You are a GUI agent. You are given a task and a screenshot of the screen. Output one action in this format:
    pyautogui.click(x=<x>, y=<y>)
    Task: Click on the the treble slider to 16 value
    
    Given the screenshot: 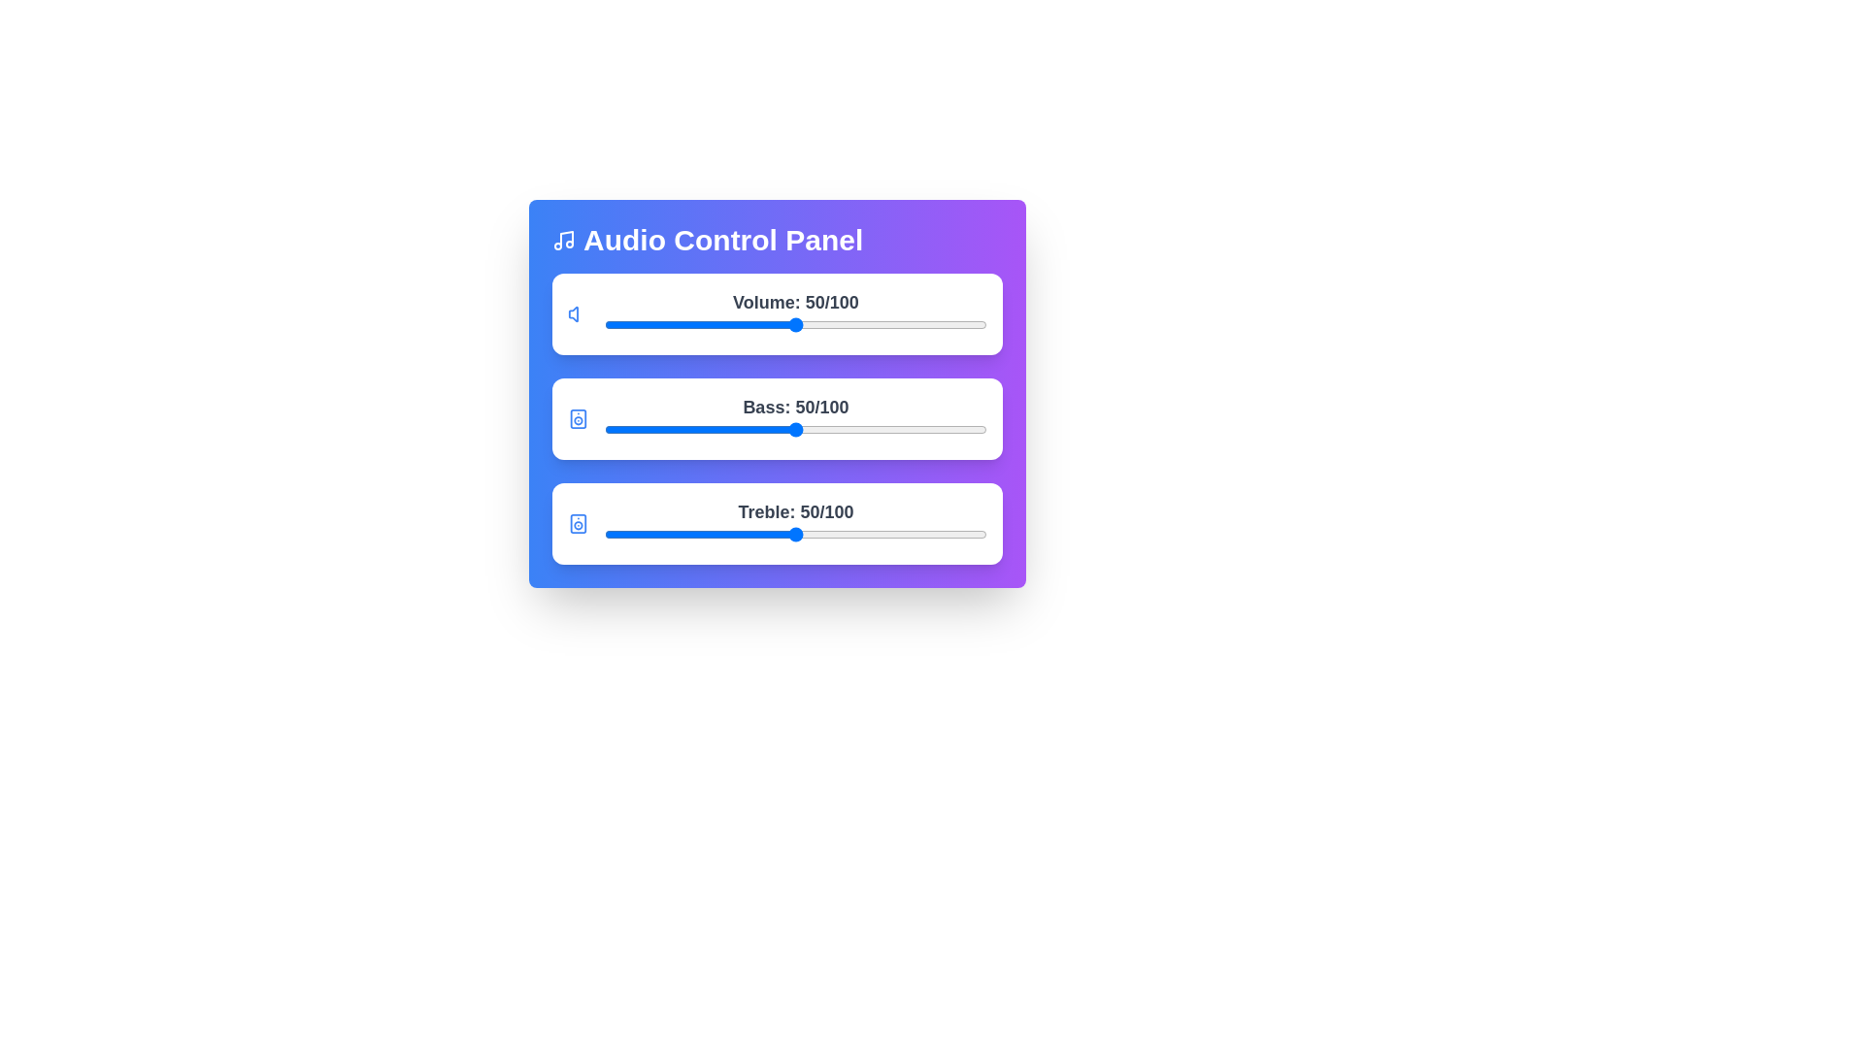 What is the action you would take?
    pyautogui.click(x=666, y=535)
    